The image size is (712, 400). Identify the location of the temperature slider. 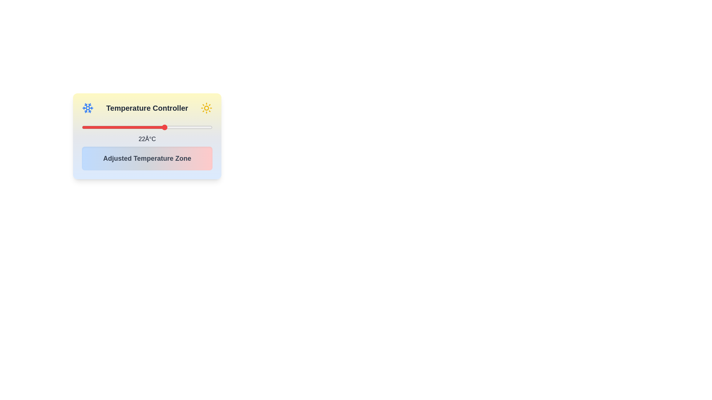
(87, 127).